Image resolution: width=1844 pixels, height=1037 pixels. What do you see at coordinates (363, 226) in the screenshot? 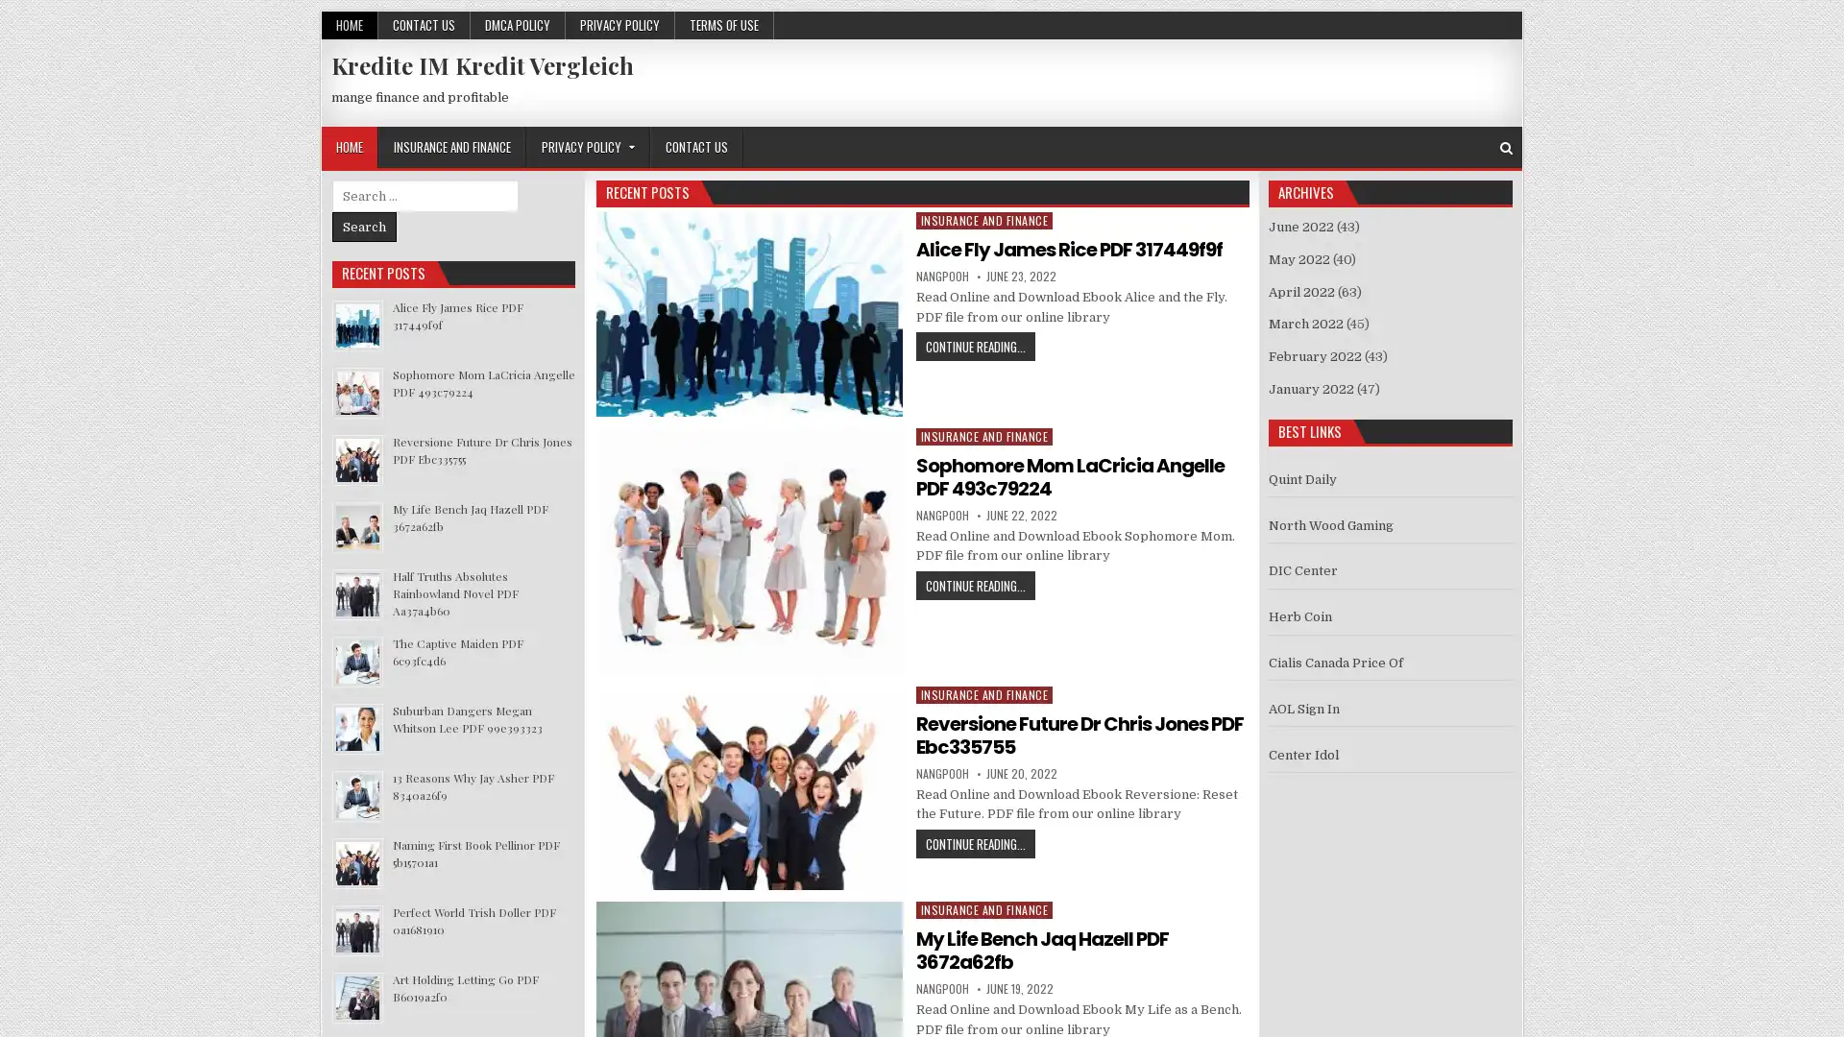
I see `Search` at bounding box center [363, 226].